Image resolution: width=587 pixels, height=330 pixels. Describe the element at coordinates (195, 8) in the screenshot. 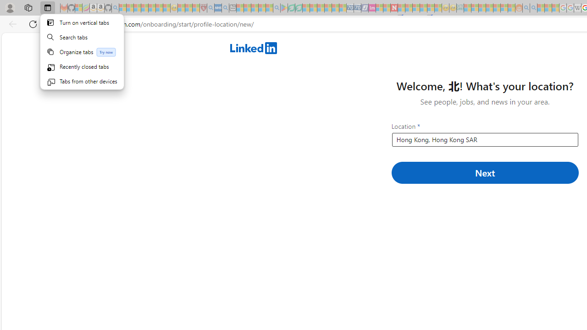

I see `'Local - MSN - Sleeping'` at that location.